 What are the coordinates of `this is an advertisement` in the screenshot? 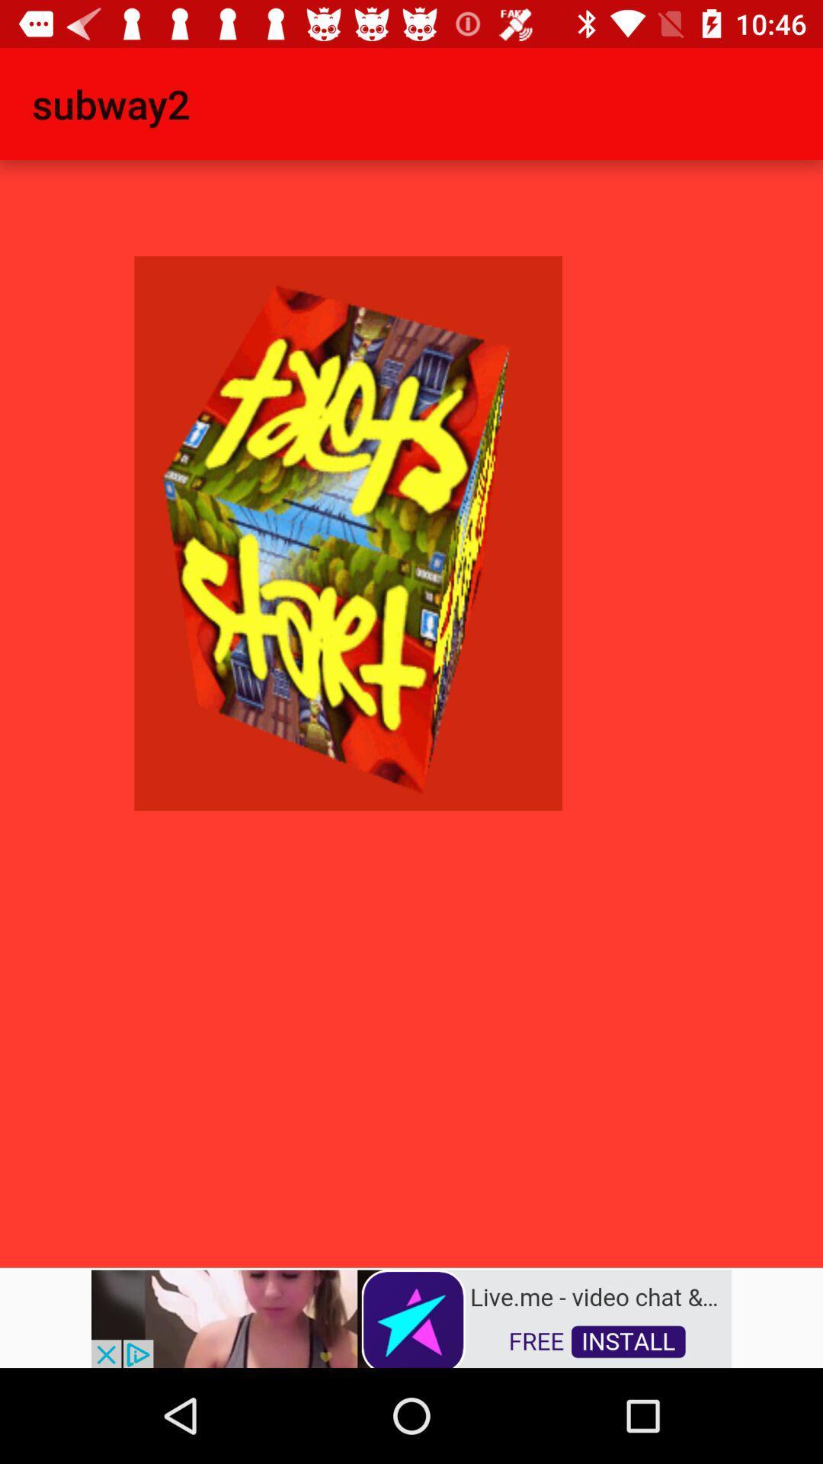 It's located at (411, 1317).